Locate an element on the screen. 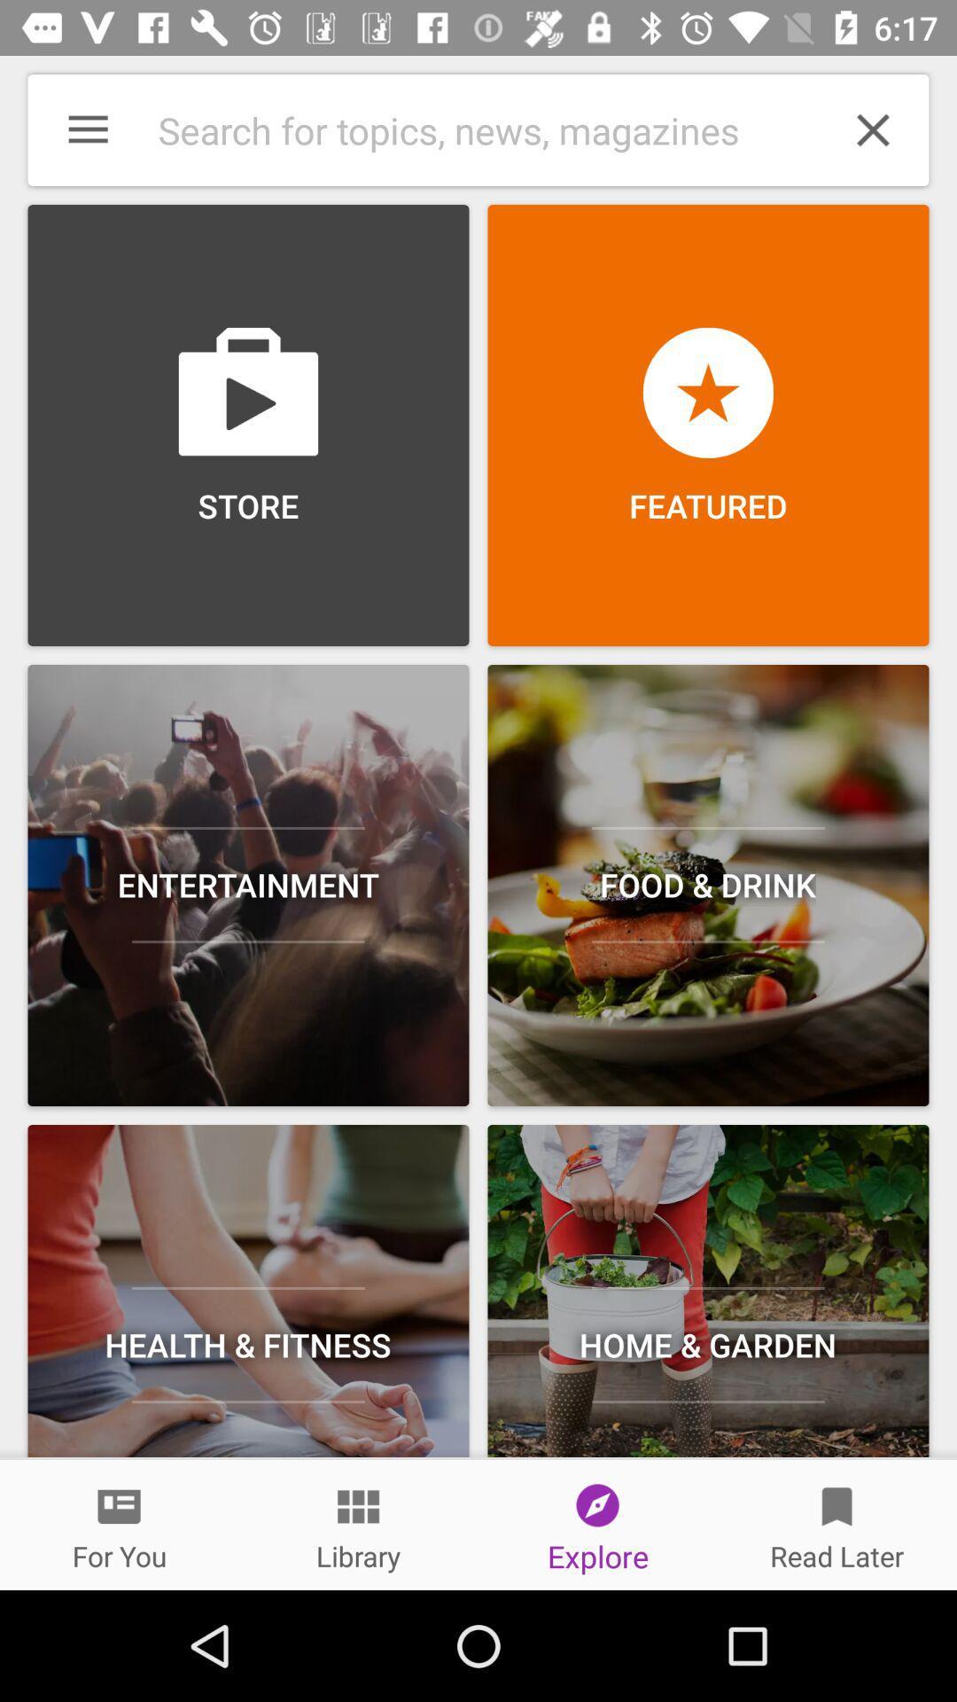 The height and width of the screenshot is (1702, 957). the close button on the web page is located at coordinates (873, 129).